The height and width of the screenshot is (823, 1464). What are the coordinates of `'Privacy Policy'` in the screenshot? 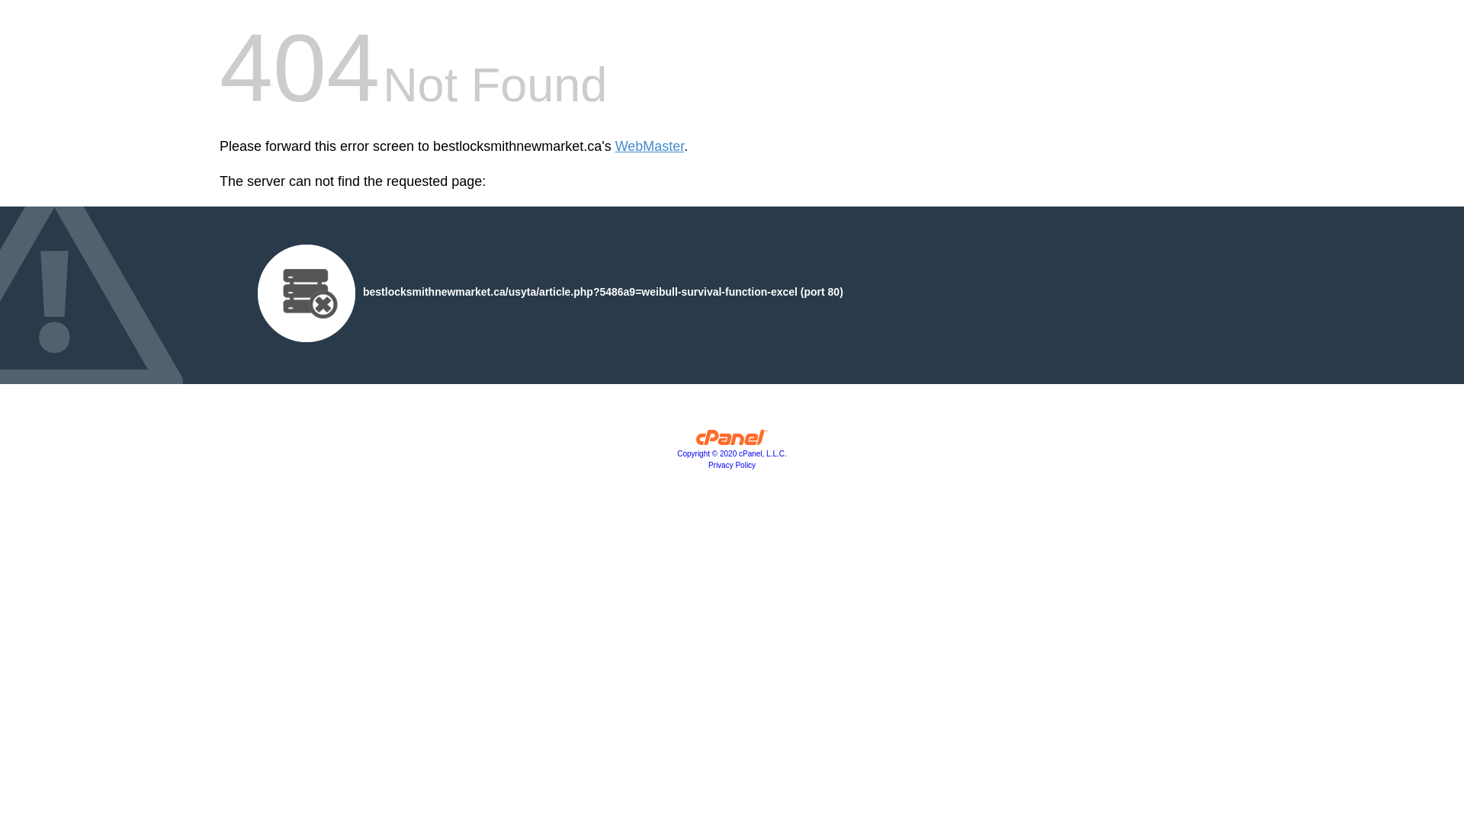 It's located at (732, 464).